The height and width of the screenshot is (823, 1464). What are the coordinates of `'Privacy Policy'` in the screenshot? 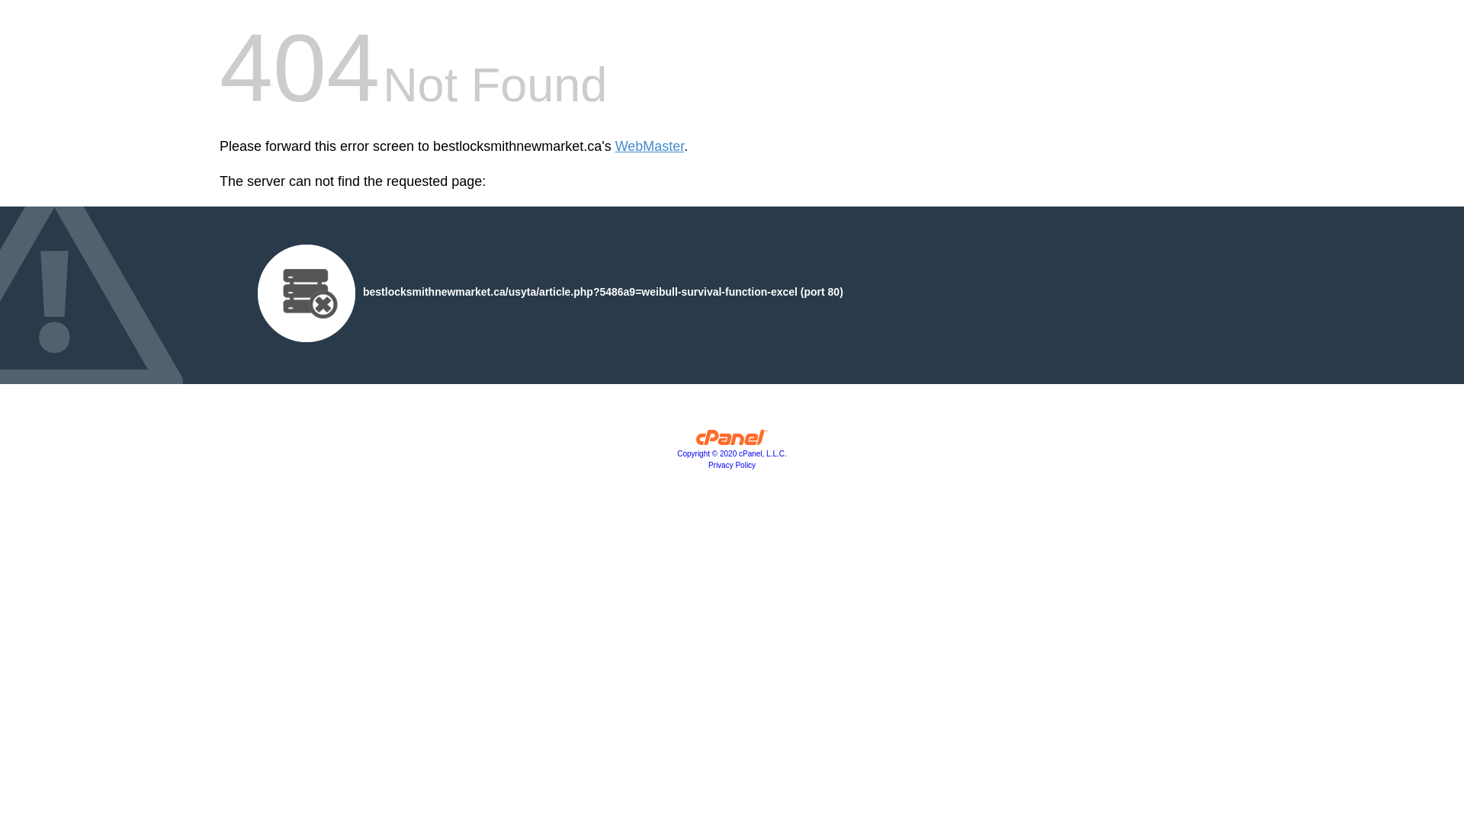 It's located at (732, 464).